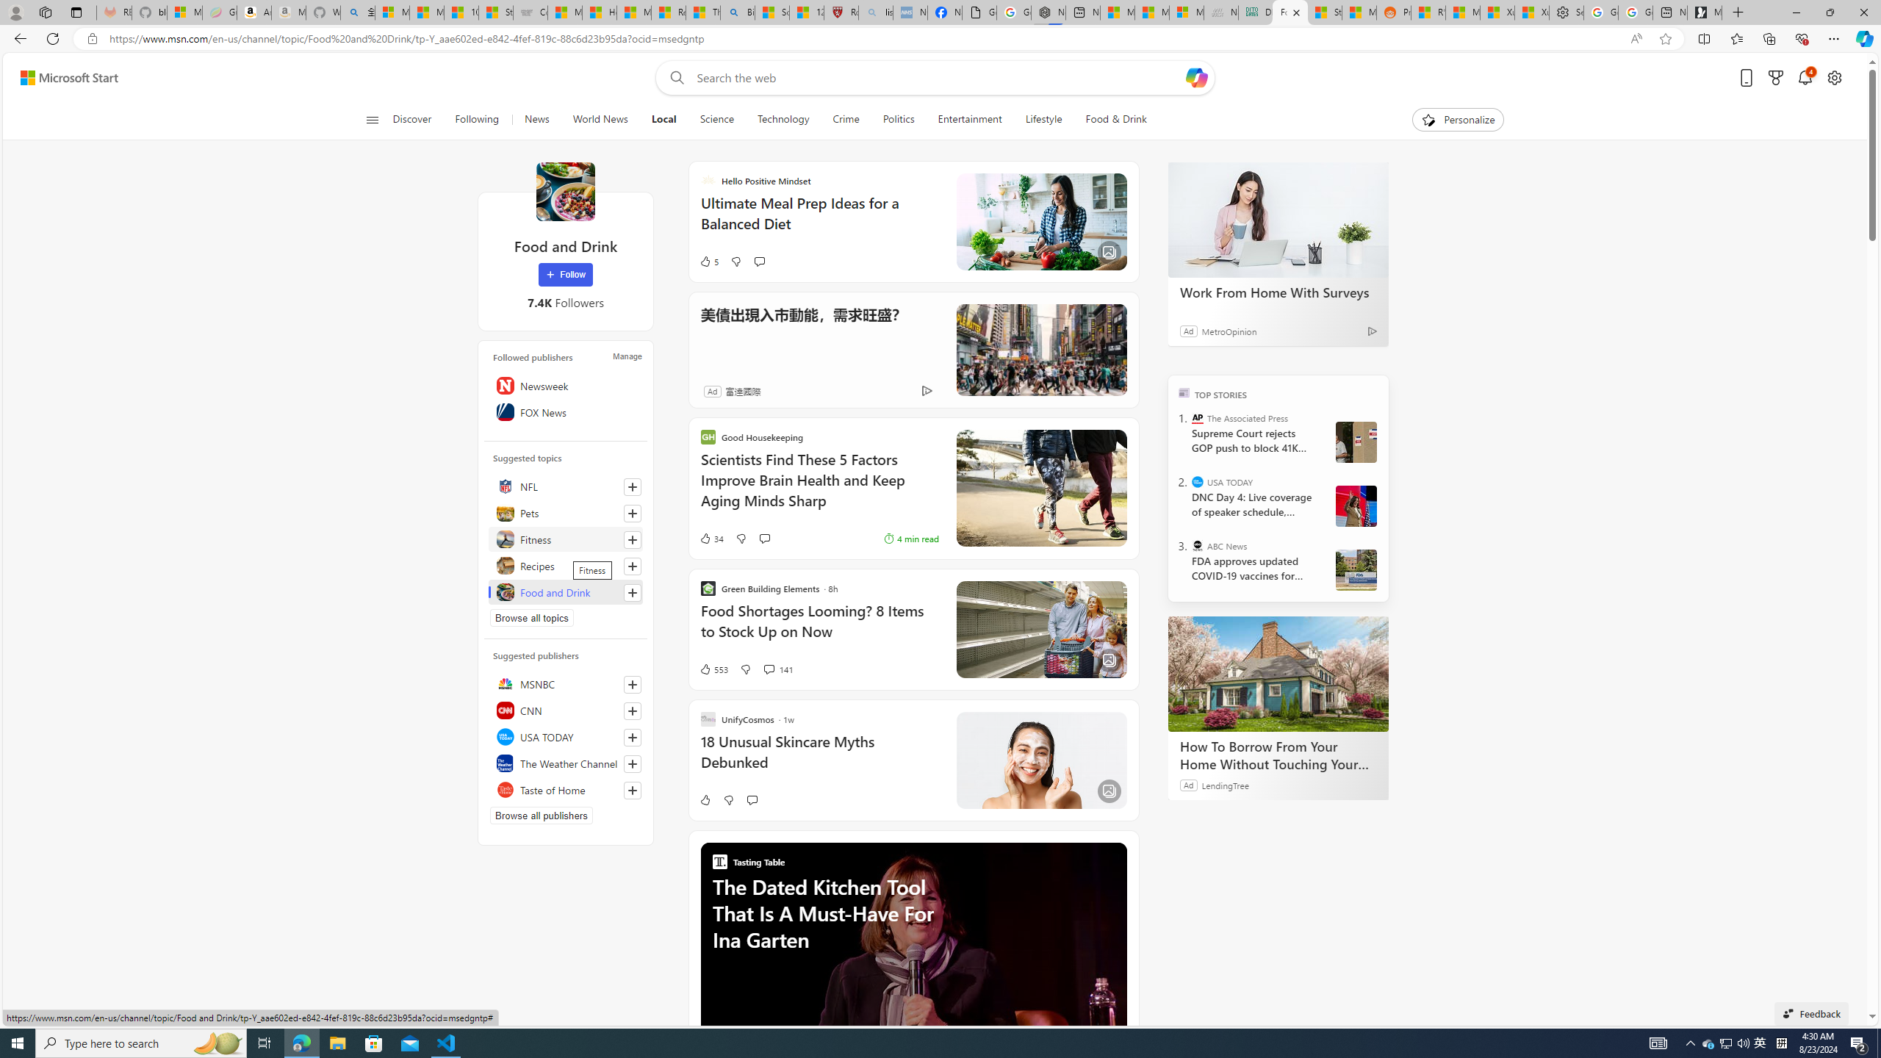 This screenshot has width=1881, height=1058. I want to click on 'Web search', so click(673, 78).